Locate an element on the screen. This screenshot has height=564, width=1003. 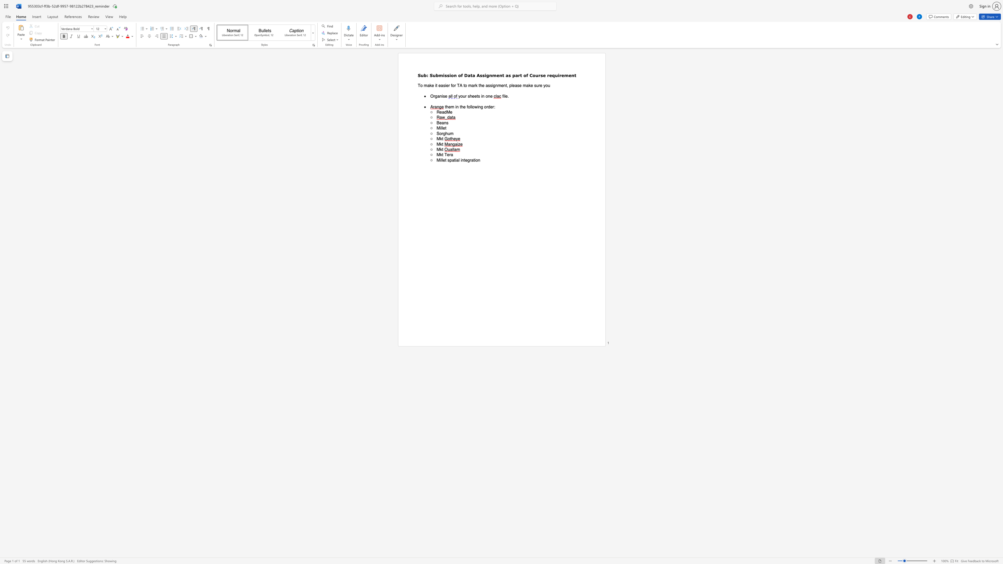
the 1th character "q" in the text is located at coordinates (553, 75).